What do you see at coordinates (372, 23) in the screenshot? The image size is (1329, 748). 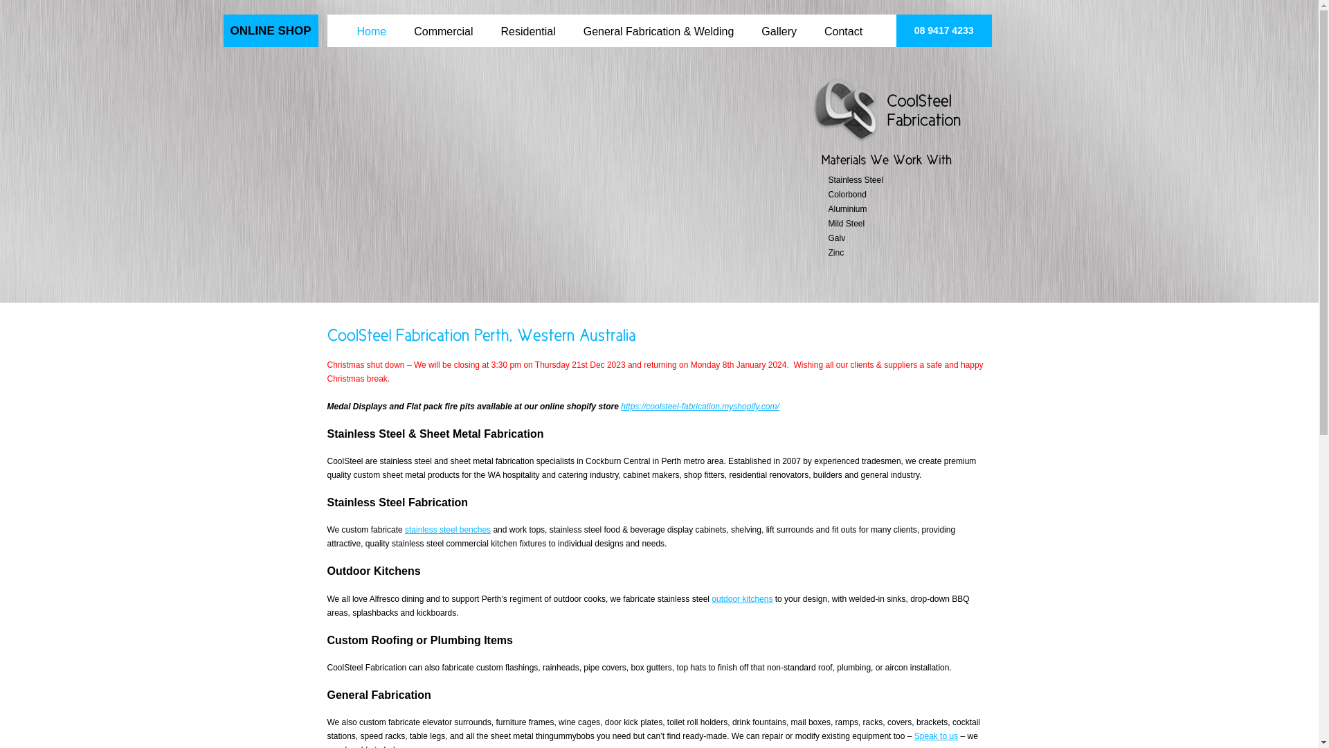 I see `'Home'` at bounding box center [372, 23].